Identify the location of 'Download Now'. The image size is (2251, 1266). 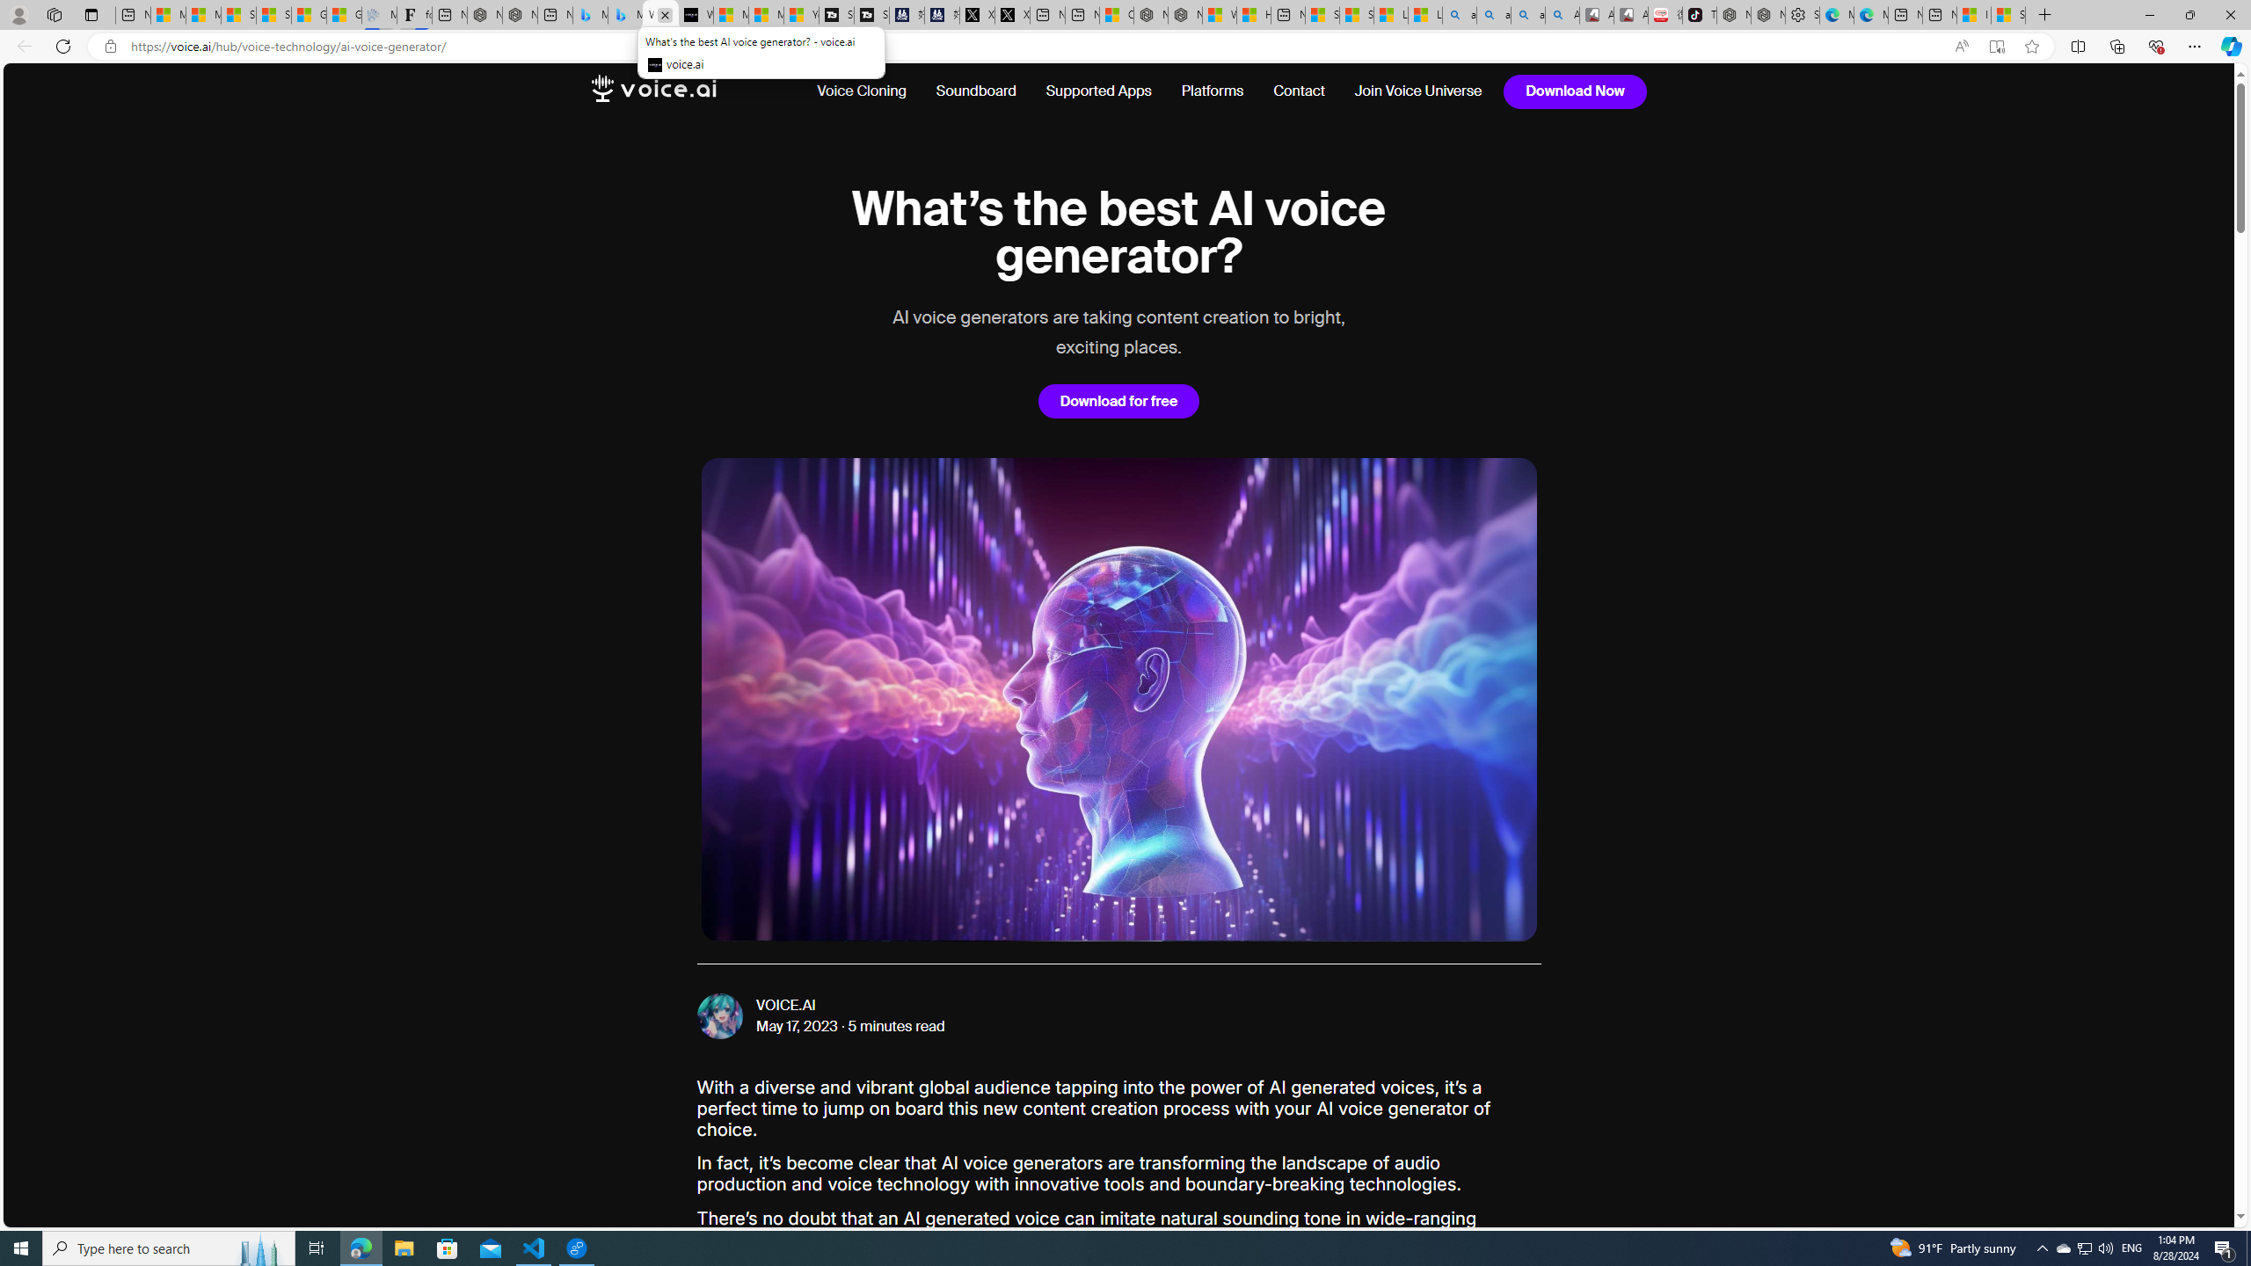
(1575, 91).